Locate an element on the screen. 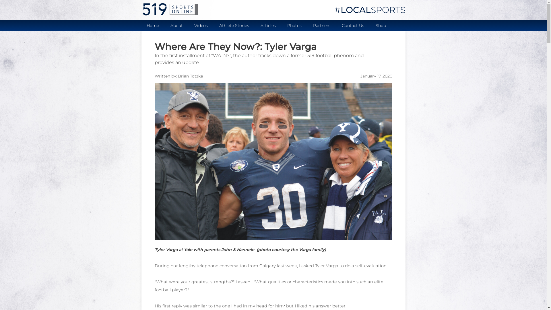 The height and width of the screenshot is (310, 551). 'Contact Us' is located at coordinates (352, 25).